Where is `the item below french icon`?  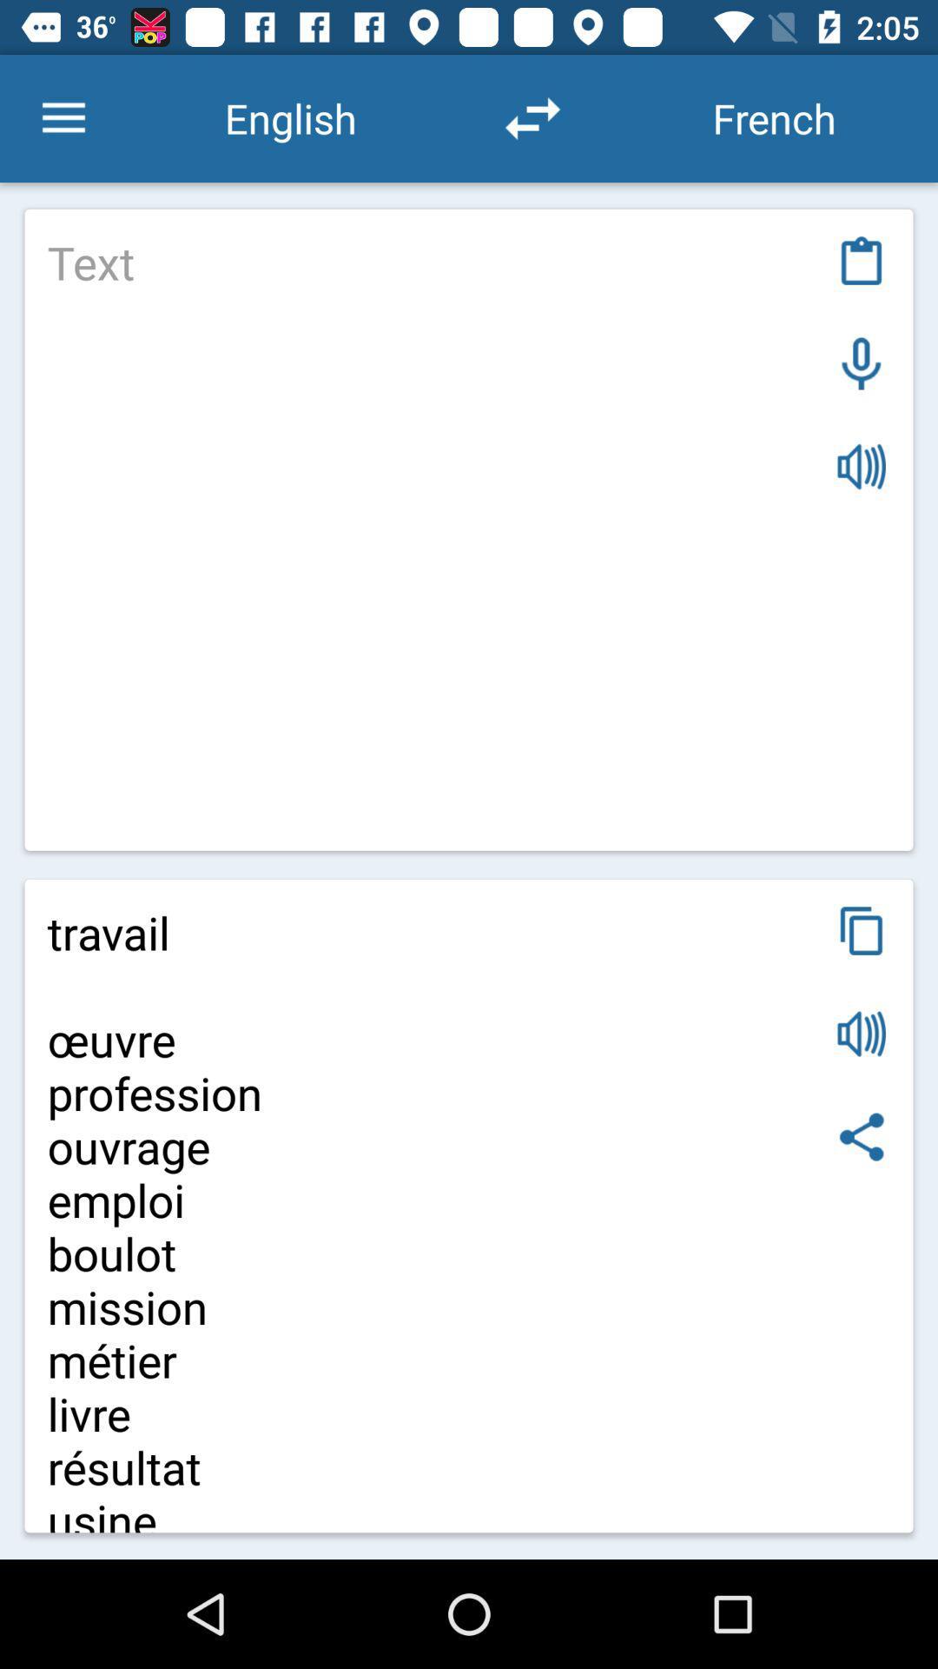 the item below french icon is located at coordinates (862, 259).